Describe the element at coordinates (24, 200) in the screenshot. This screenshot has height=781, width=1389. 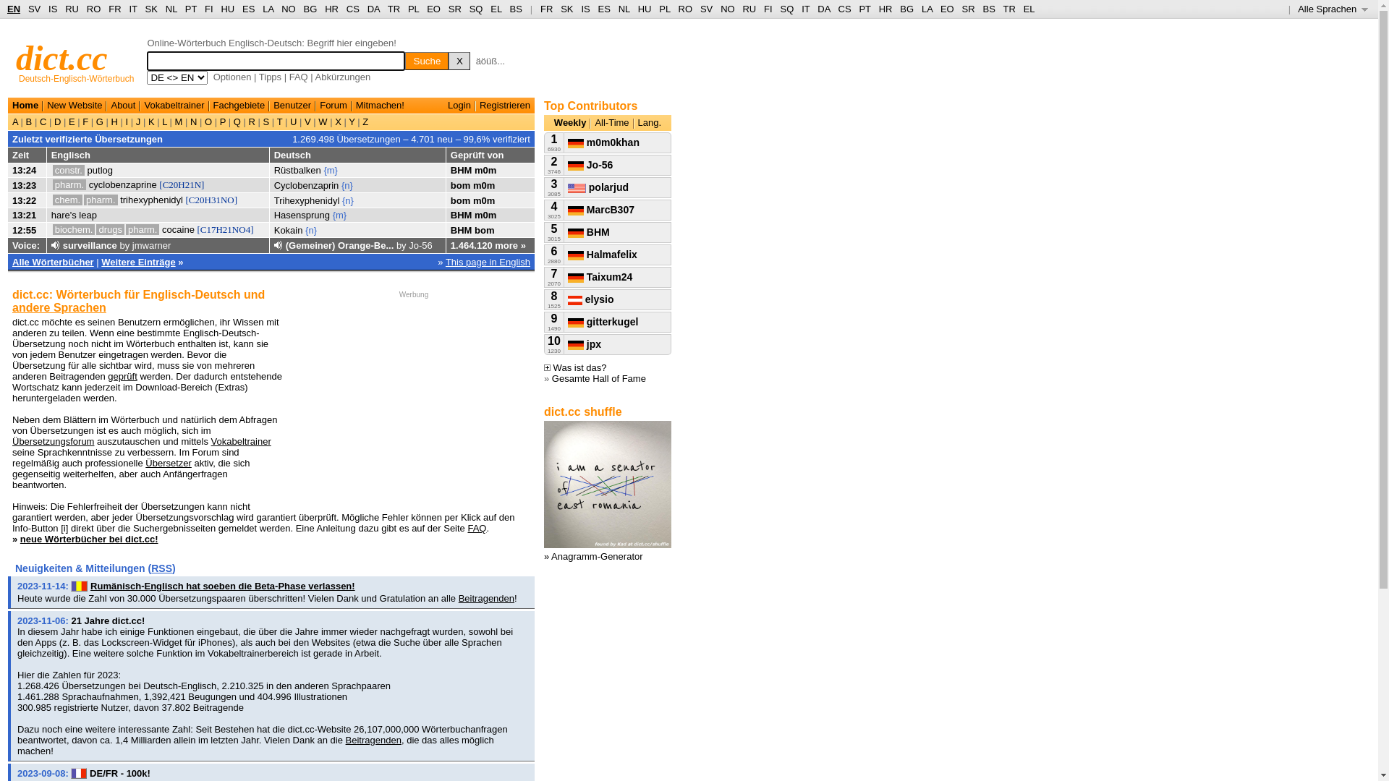
I see `'13:22'` at that location.